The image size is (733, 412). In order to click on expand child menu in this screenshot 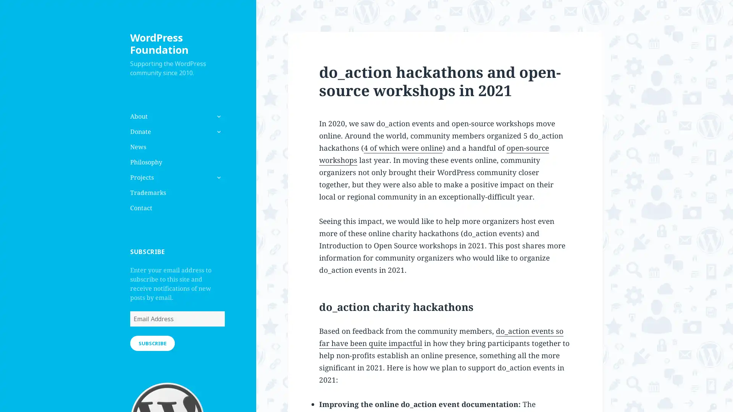, I will do `click(218, 116)`.